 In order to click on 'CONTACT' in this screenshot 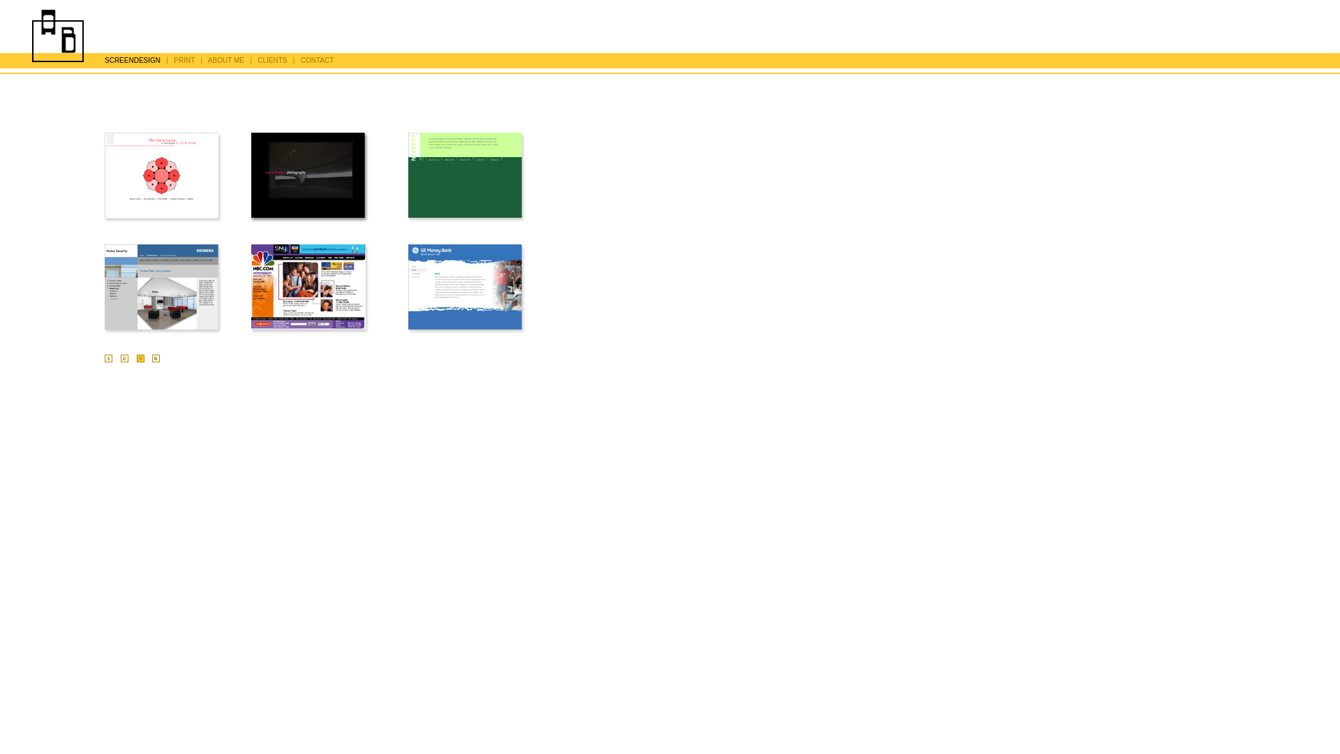, I will do `click(317, 59)`.